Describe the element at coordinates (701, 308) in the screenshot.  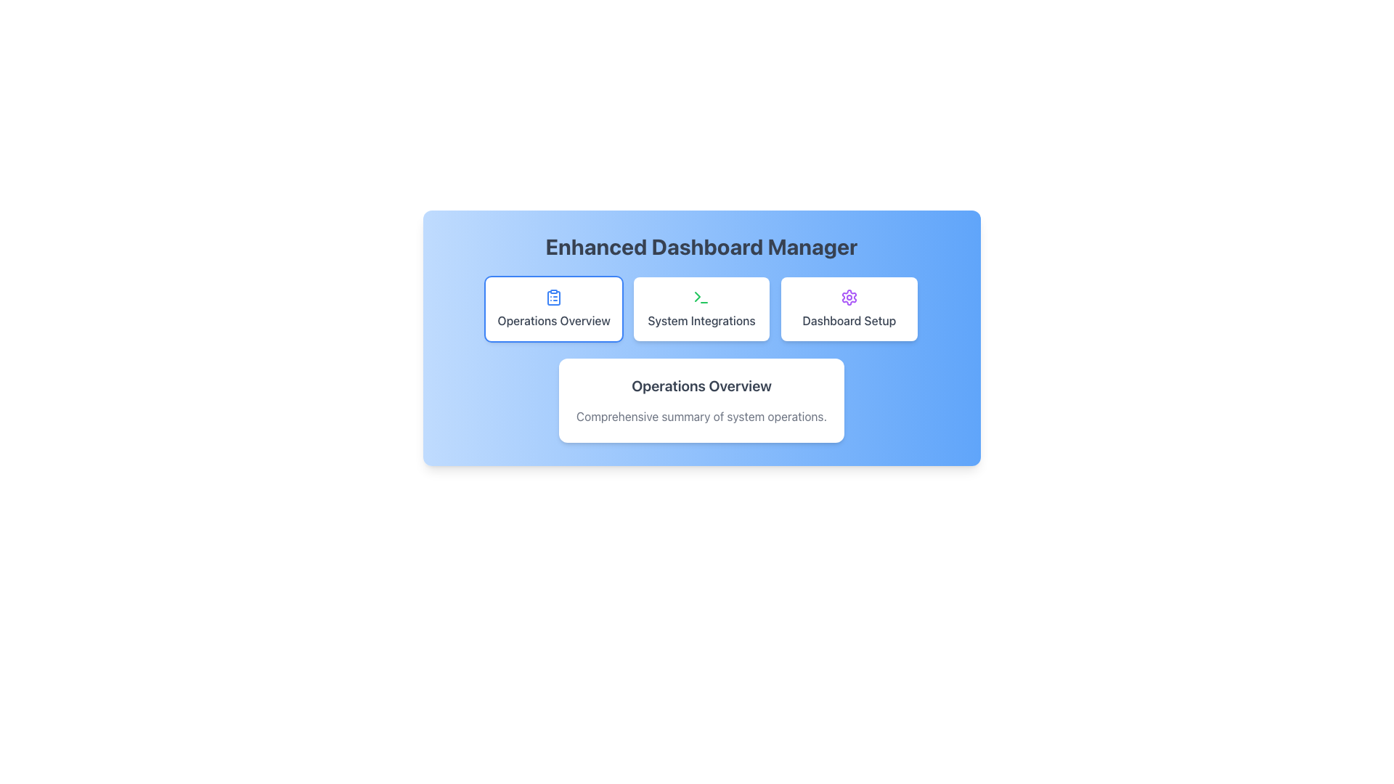
I see `the 'System Integrations' button in the Enhanced Dashboard Manager` at that location.